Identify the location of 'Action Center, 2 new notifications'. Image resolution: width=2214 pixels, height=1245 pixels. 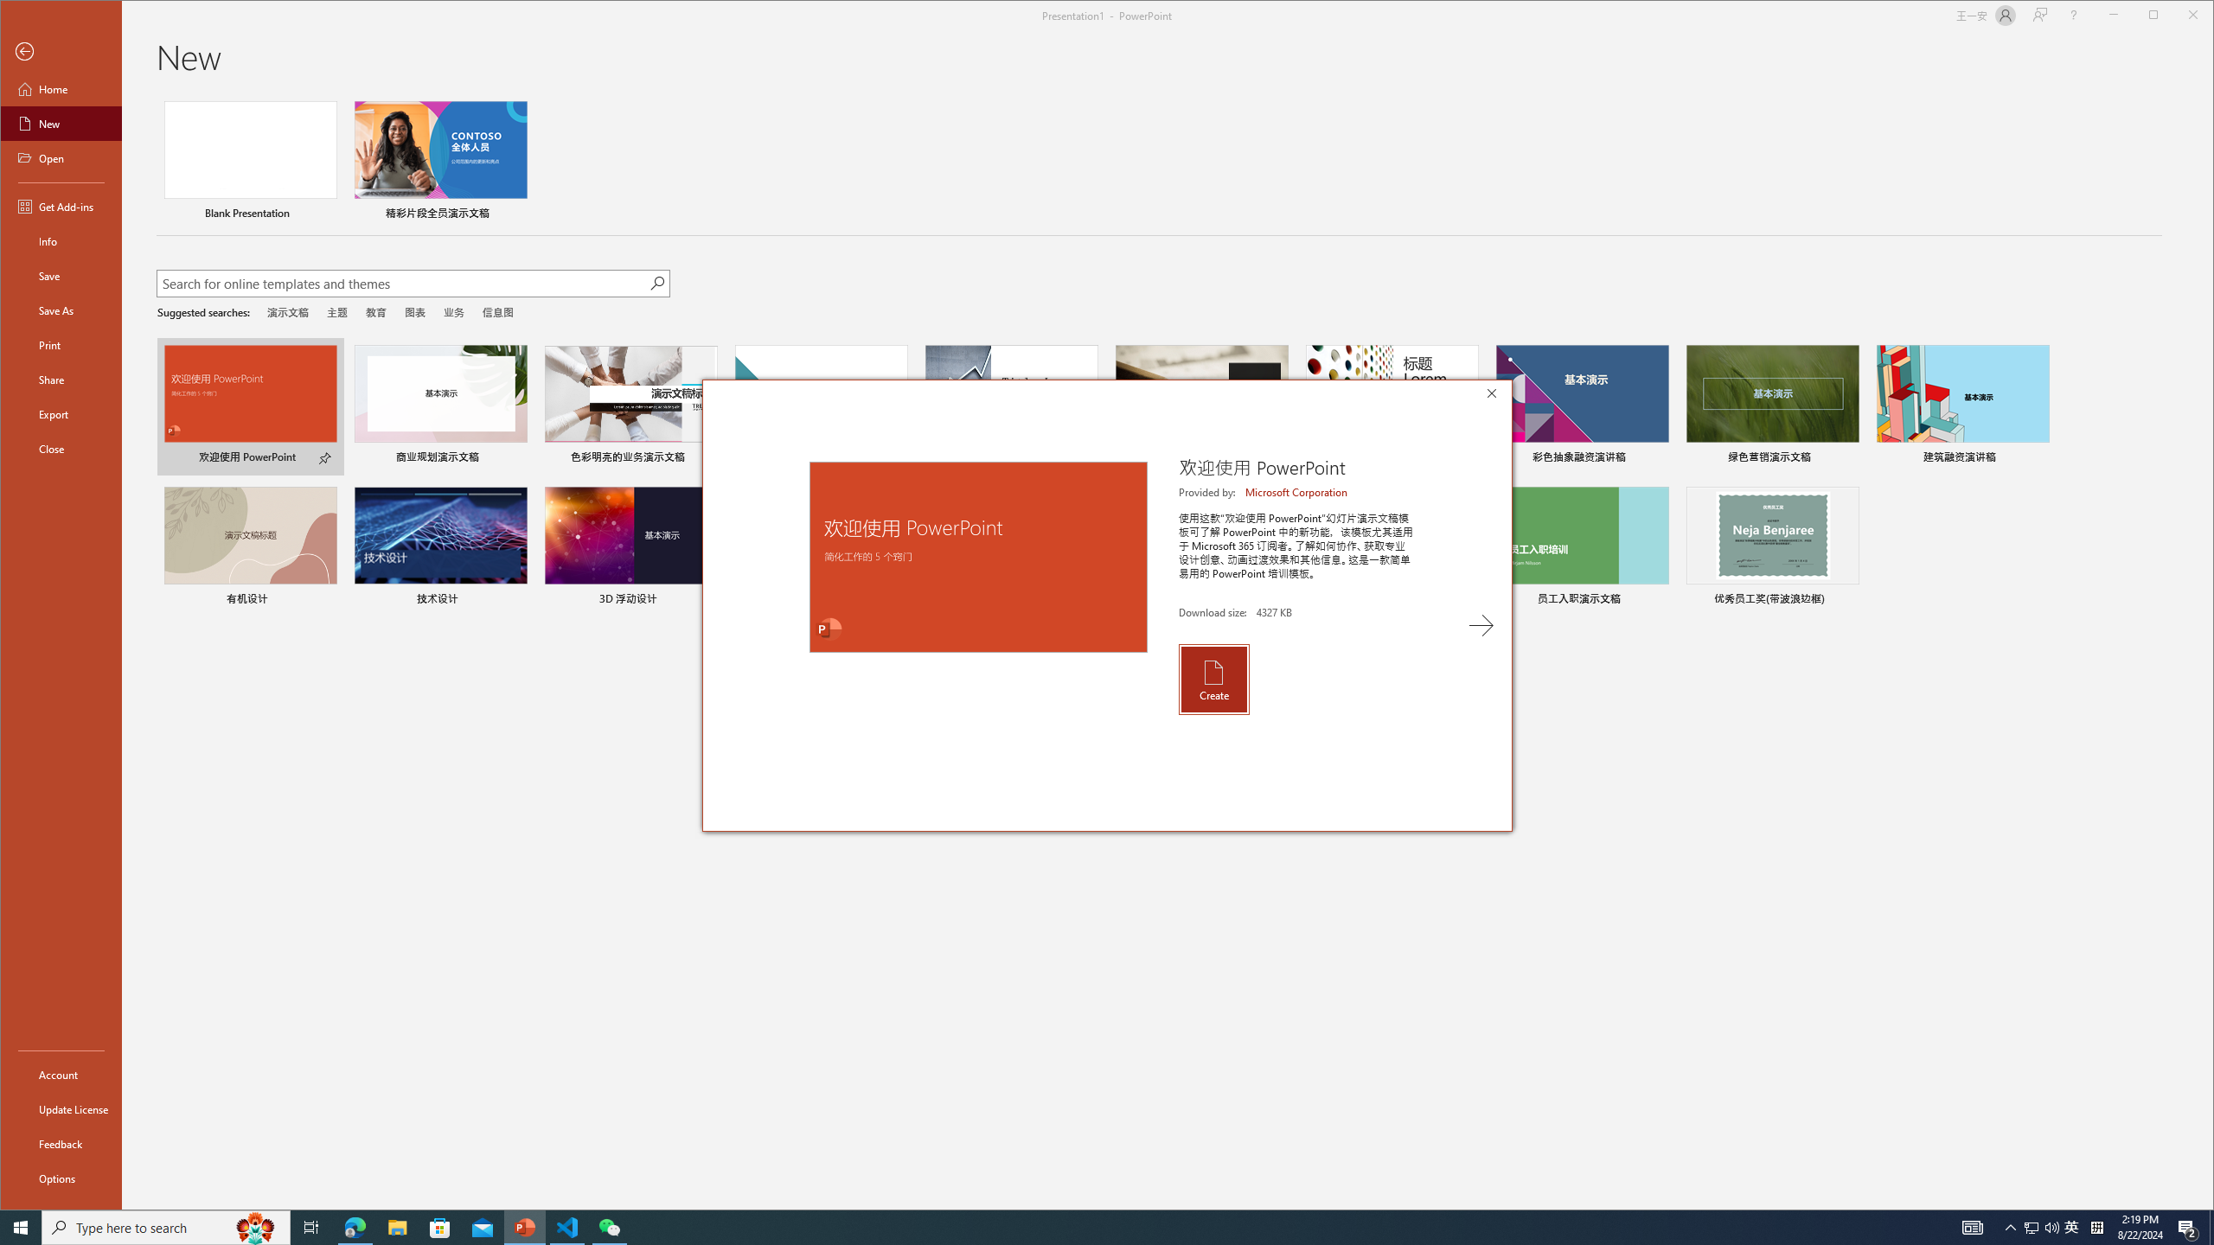
(2188, 1226).